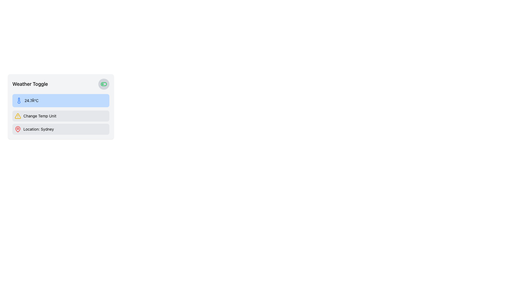 This screenshot has width=529, height=297. Describe the element at coordinates (61, 107) in the screenshot. I see `the Information Display Item that shows the current temperature in degrees Celsius, located underneath the 'Weather Toggle' heading` at that location.